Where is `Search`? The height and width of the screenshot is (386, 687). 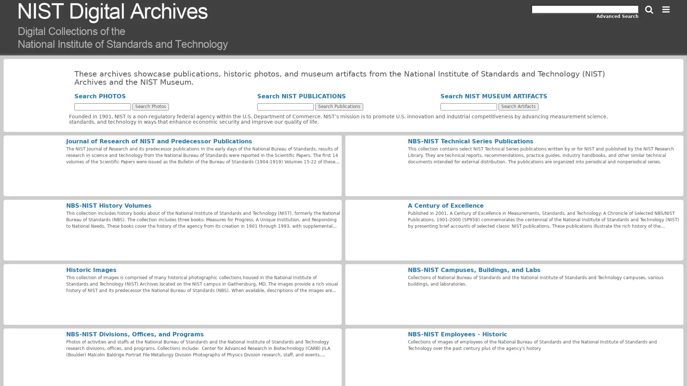 Search is located at coordinates (649, 10).